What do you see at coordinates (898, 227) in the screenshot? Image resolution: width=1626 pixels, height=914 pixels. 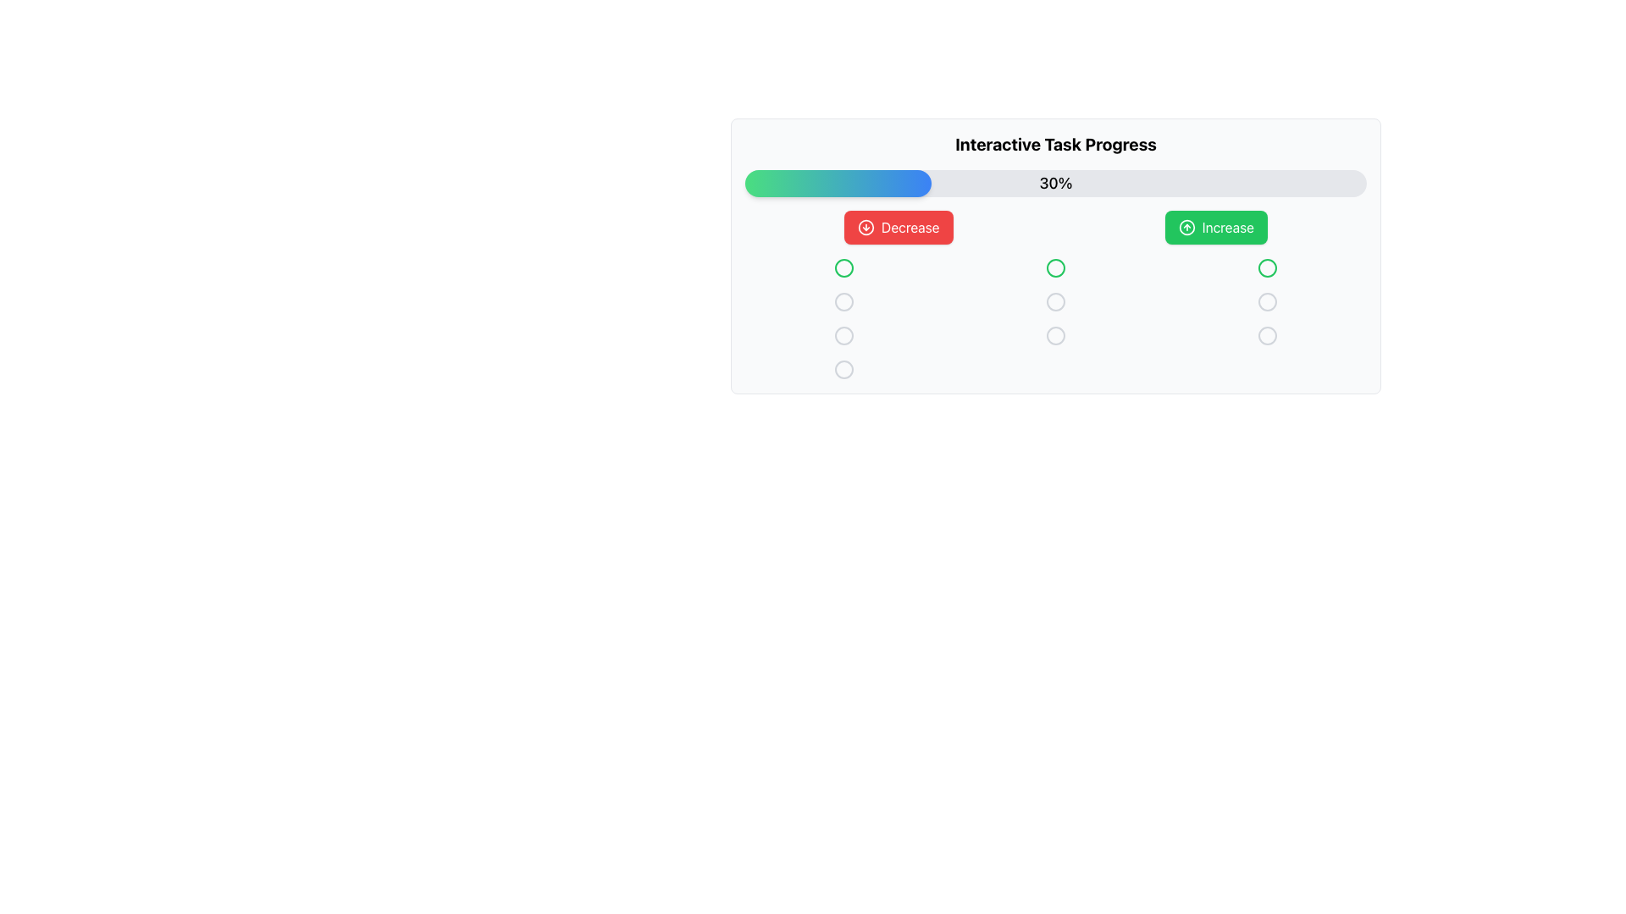 I see `the decrease action button located on the left side of the horizontal button arrangement` at bounding box center [898, 227].